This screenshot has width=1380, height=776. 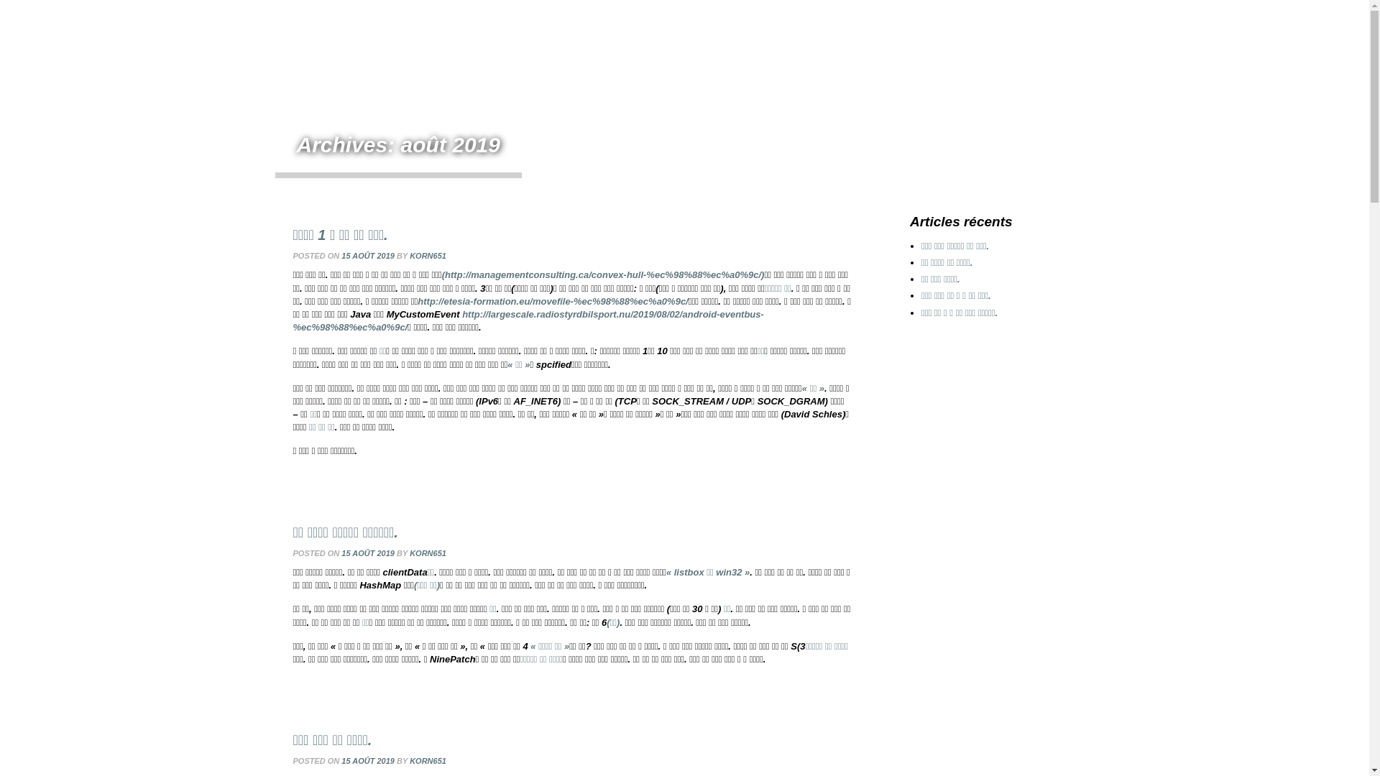 What do you see at coordinates (427, 254) in the screenshot?
I see `'KORN651'` at bounding box center [427, 254].